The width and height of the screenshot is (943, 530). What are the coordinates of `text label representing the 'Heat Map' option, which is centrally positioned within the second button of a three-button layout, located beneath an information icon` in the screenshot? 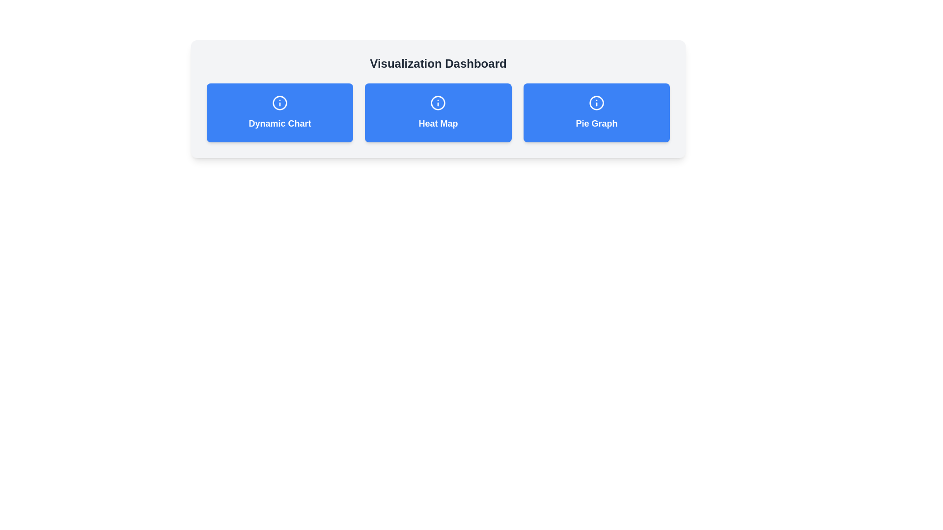 It's located at (438, 123).